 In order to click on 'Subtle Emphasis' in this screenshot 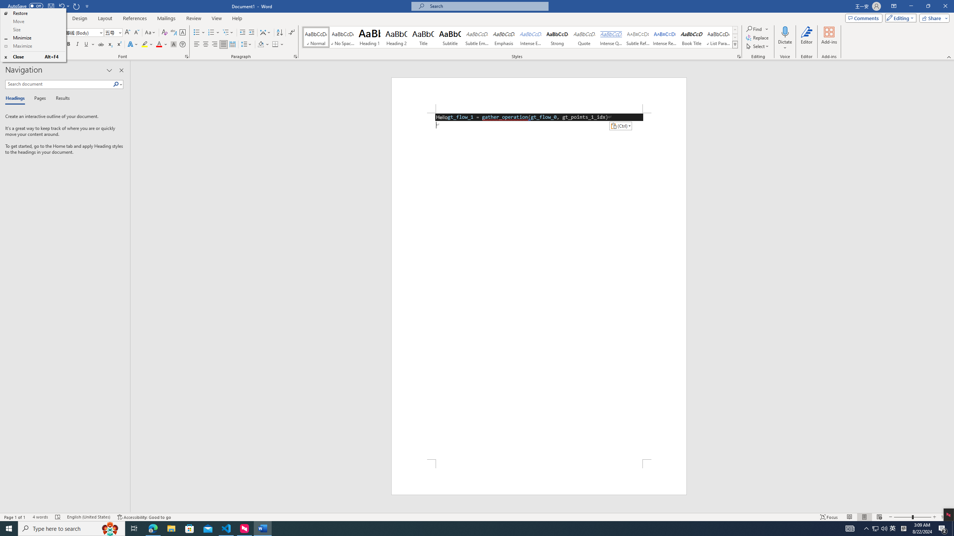, I will do `click(477, 37)`.